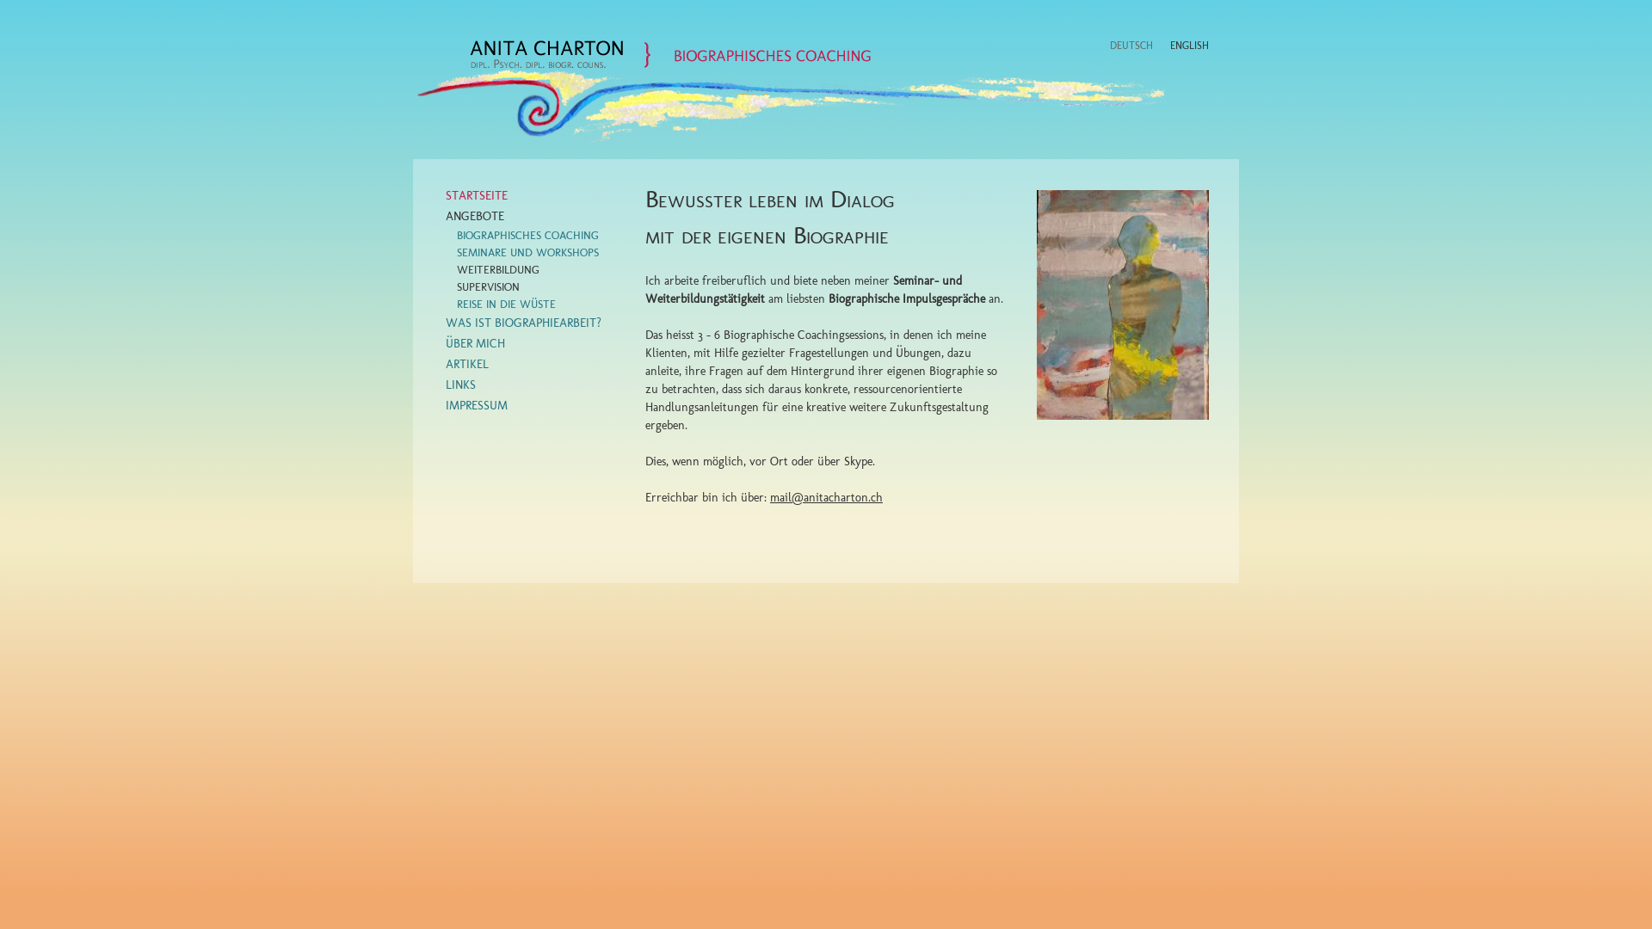 Image resolution: width=1652 pixels, height=929 pixels. What do you see at coordinates (476, 194) in the screenshot?
I see `'STARTSEITE'` at bounding box center [476, 194].